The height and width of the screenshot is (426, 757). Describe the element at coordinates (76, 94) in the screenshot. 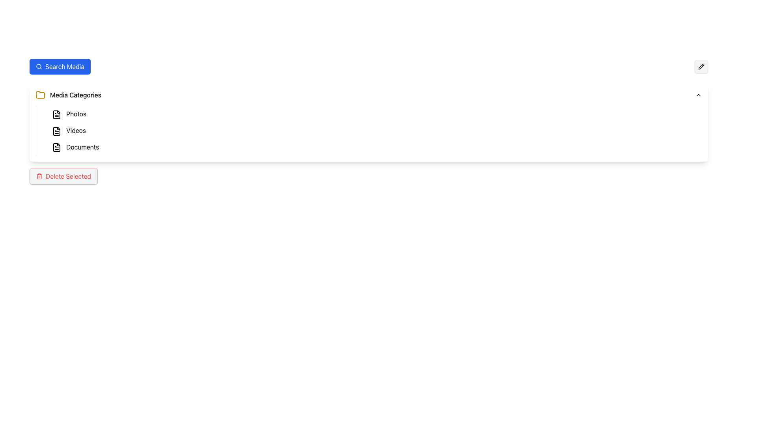

I see `the 'Media Categories' label, which is located beneath the 'Search Media' button and to the right of a yellow folder icon, to help users identify the context of the associated items` at that location.